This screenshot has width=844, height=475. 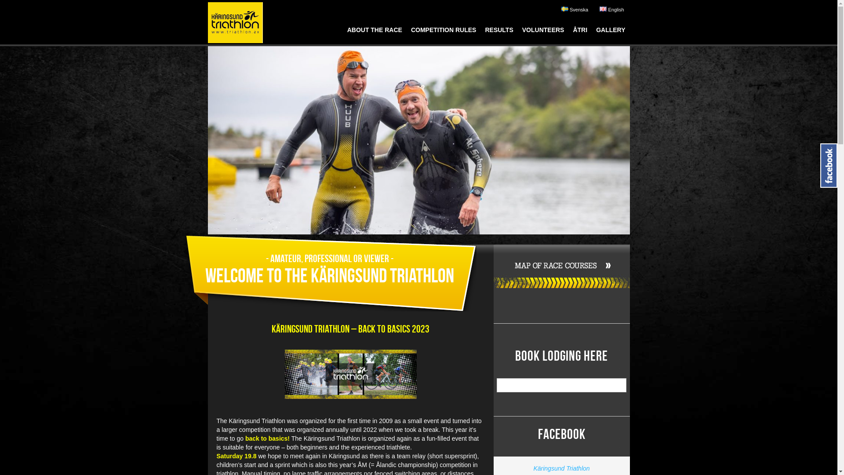 What do you see at coordinates (498, 32) in the screenshot?
I see `'RESULTS'` at bounding box center [498, 32].